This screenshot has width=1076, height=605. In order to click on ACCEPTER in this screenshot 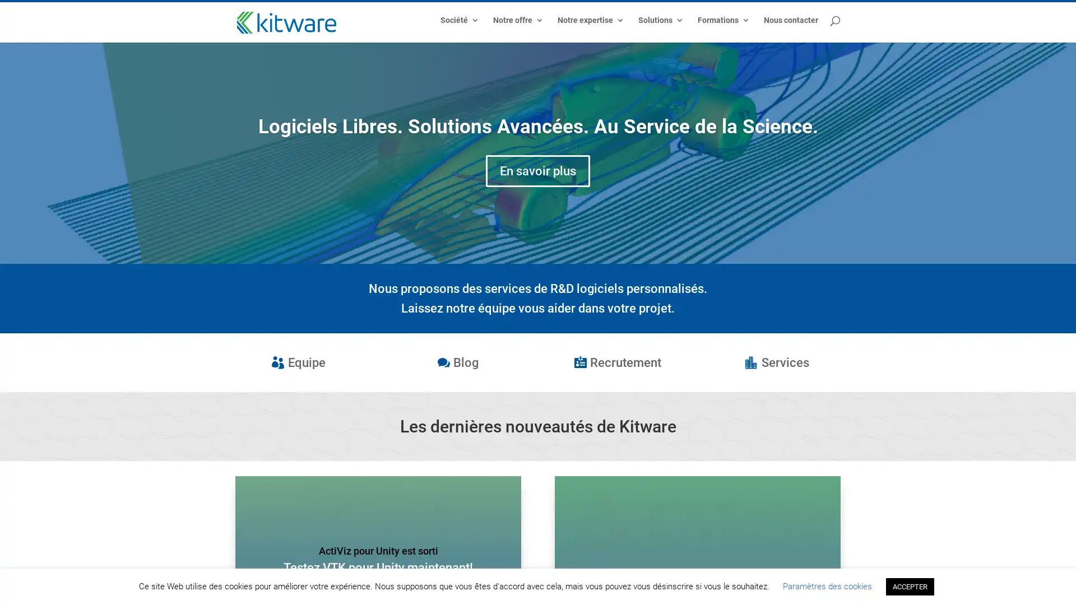, I will do `click(910, 586)`.